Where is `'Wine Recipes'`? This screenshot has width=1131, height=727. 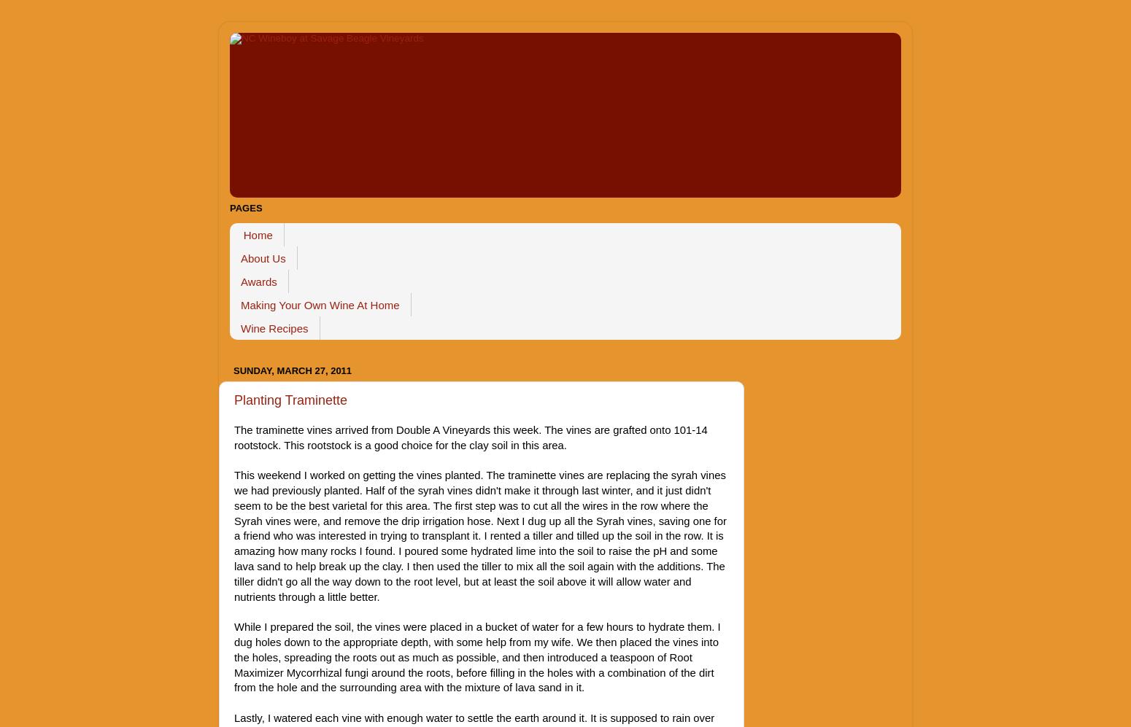
'Wine Recipes' is located at coordinates (274, 327).